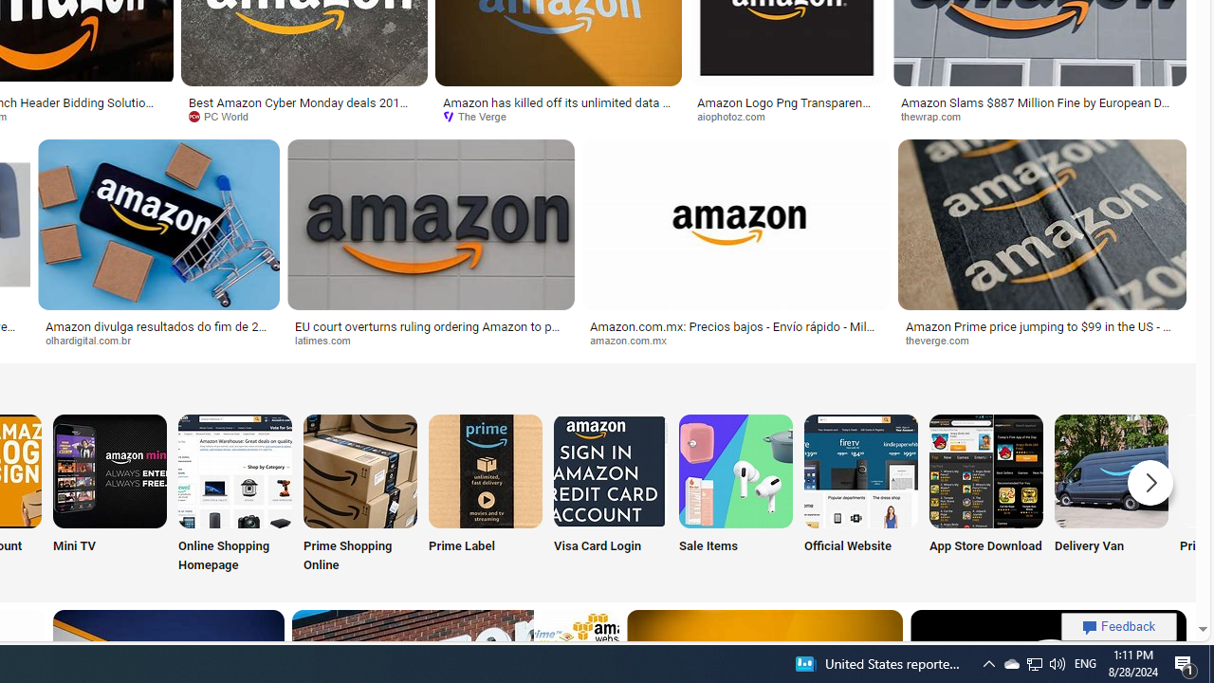 Image resolution: width=1214 pixels, height=683 pixels. I want to click on 'PC World', so click(225, 116).